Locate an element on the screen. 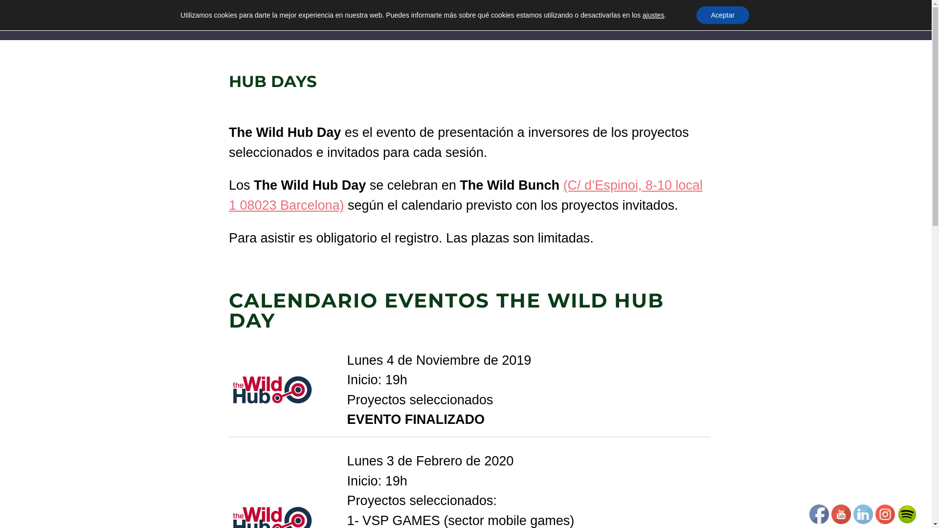  'Contacto' is located at coordinates (880, 20).